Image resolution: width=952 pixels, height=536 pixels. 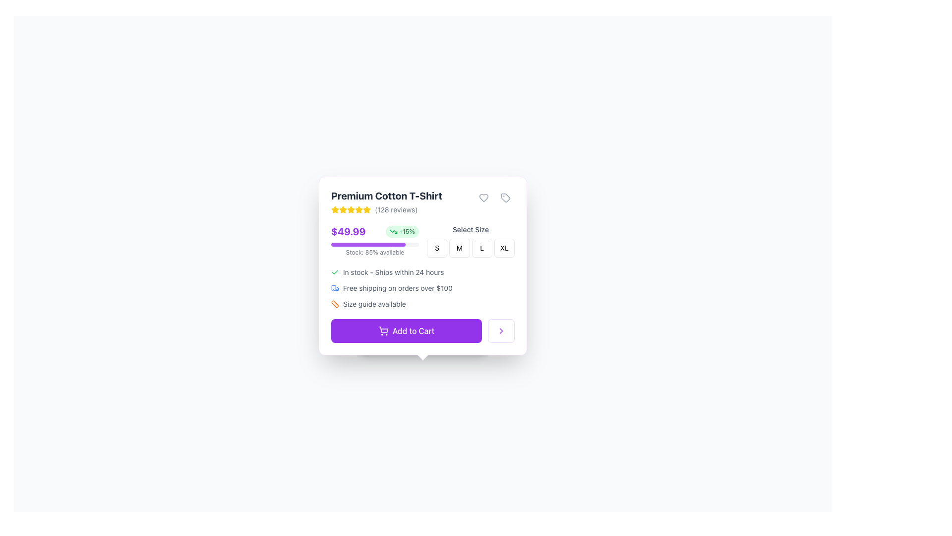 What do you see at coordinates (423, 288) in the screenshot?
I see `the static informational text indicating free shipping for orders exceeding $100, which is located below the 'In stock - Ships within 24 hours' row and above the 'Size guide available' row` at bounding box center [423, 288].